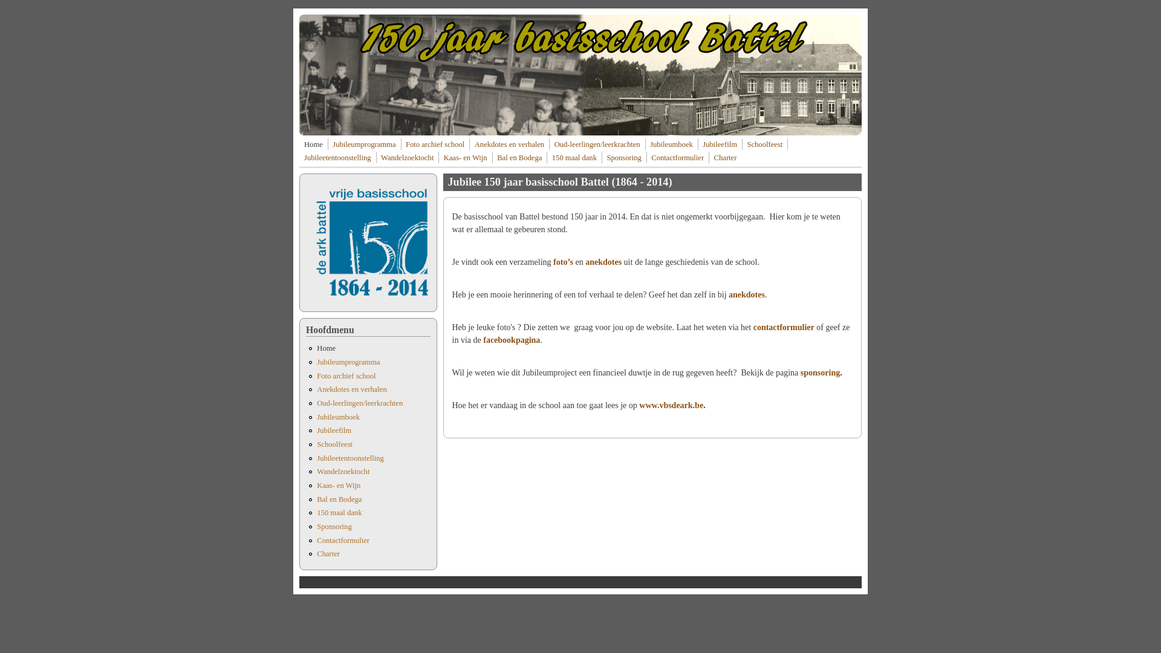 This screenshot has height=653, width=1161. What do you see at coordinates (603, 157) in the screenshot?
I see `'Sponsoring'` at bounding box center [603, 157].